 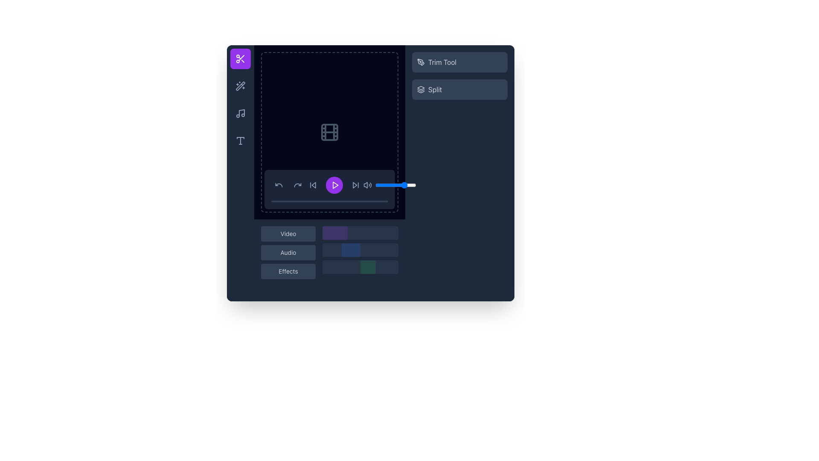 What do you see at coordinates (459, 89) in the screenshot?
I see `the 'Split' button, which is a rectangular button with rounded corners and a dark slate background` at bounding box center [459, 89].